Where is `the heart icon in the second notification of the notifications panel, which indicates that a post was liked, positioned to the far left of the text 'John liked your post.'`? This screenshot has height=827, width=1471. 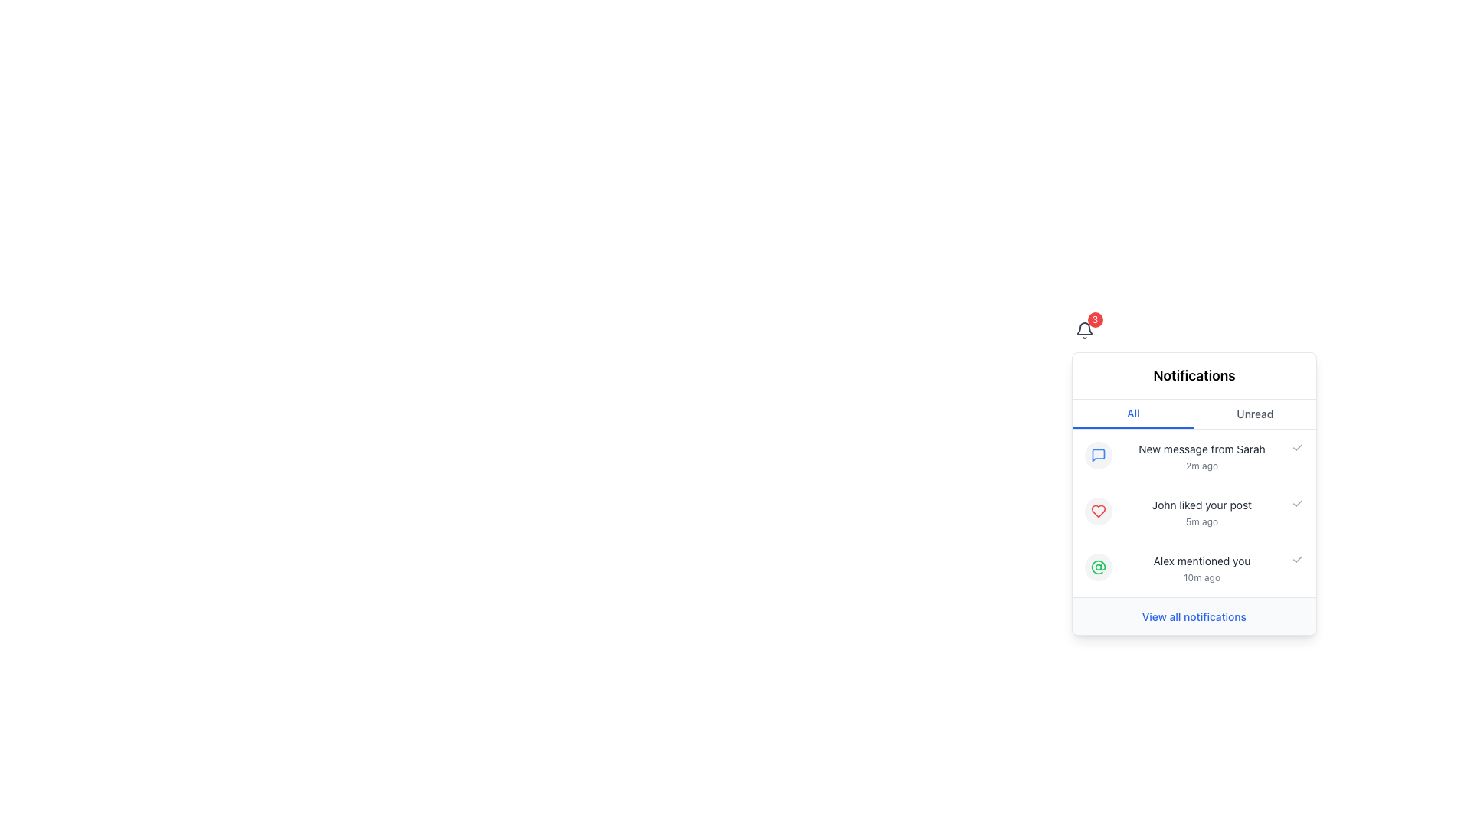
the heart icon in the second notification of the notifications panel, which indicates that a post was liked, positioned to the far left of the text 'John liked your post.' is located at coordinates (1098, 511).